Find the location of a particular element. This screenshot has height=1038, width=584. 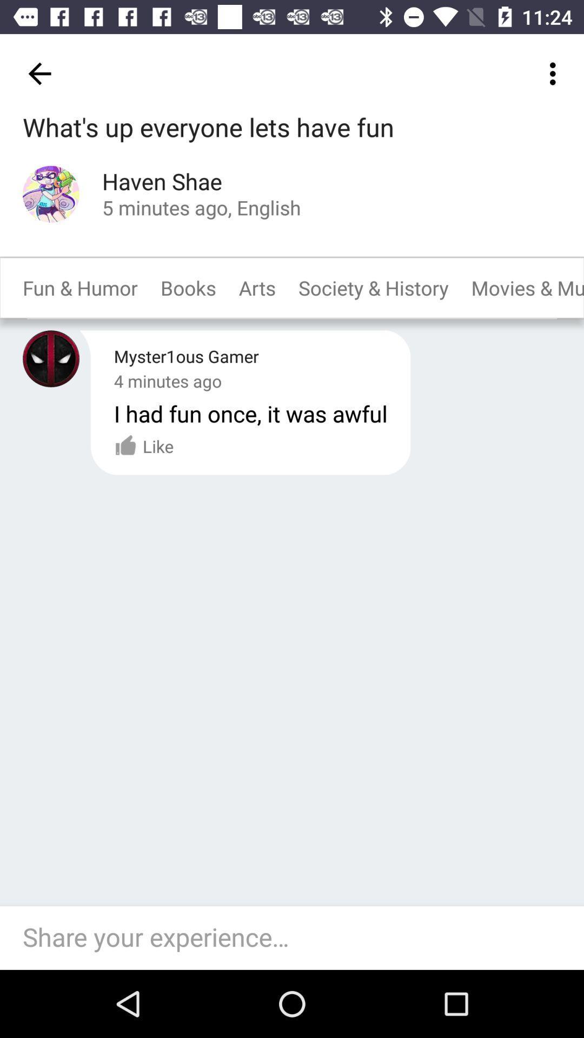

the what s up icon is located at coordinates (208, 128).